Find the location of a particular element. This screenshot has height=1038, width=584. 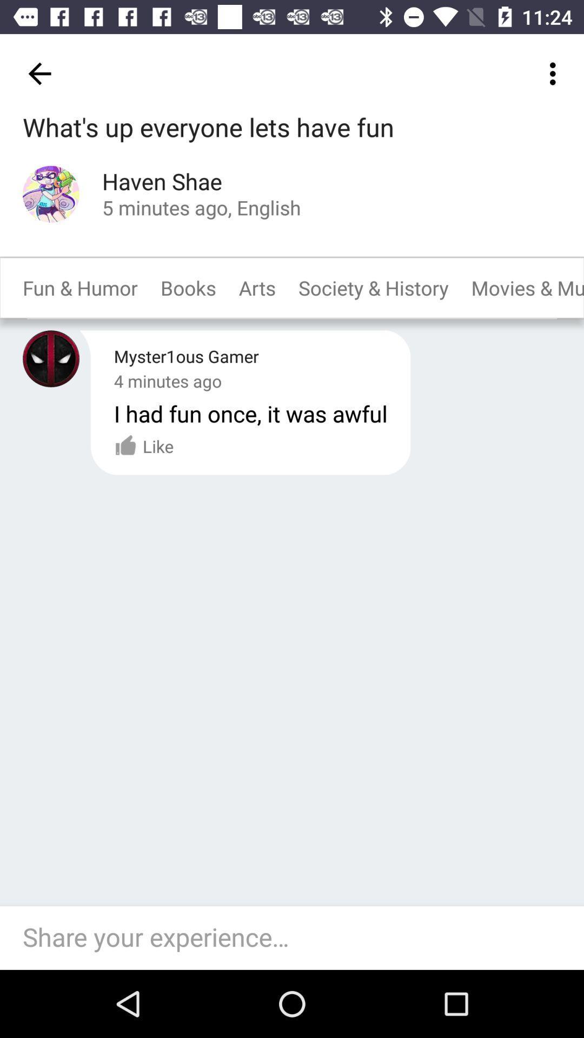

the what s up icon is located at coordinates (208, 128).